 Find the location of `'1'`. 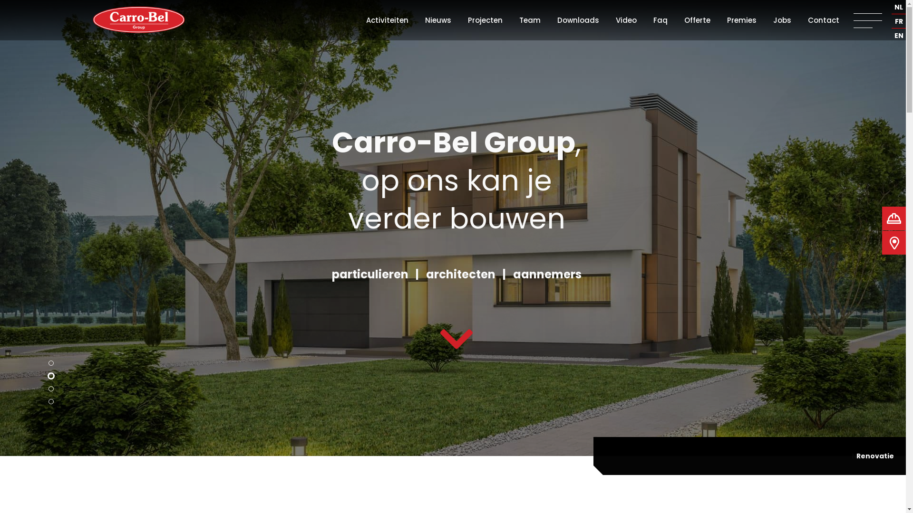

'1' is located at coordinates (50, 363).